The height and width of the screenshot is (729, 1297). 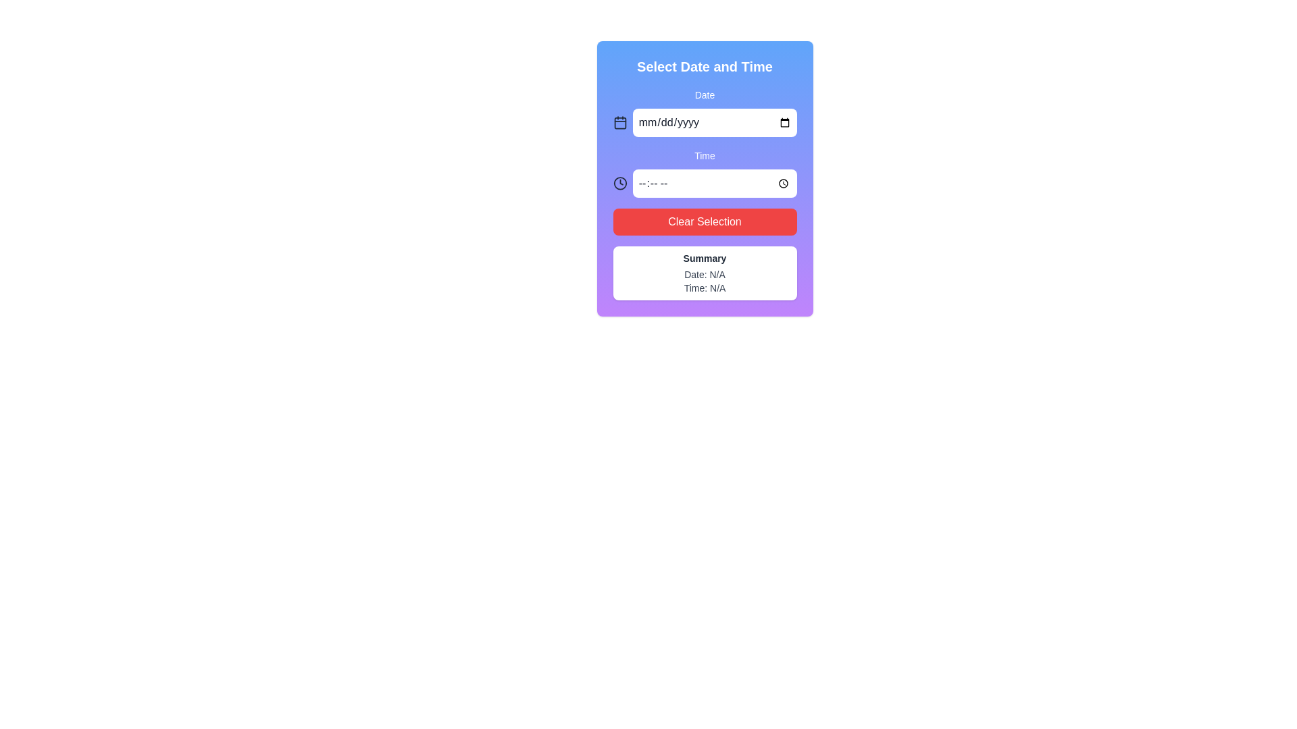 What do you see at coordinates (619, 184) in the screenshot?
I see `the SVG graphical element representing the clock face within the clock icon, which signifies time selection functionality` at bounding box center [619, 184].